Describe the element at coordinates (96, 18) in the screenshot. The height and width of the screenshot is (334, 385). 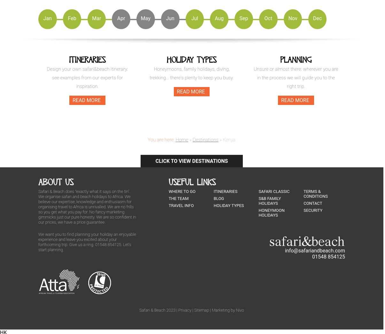
I see `'Mar'` at that location.